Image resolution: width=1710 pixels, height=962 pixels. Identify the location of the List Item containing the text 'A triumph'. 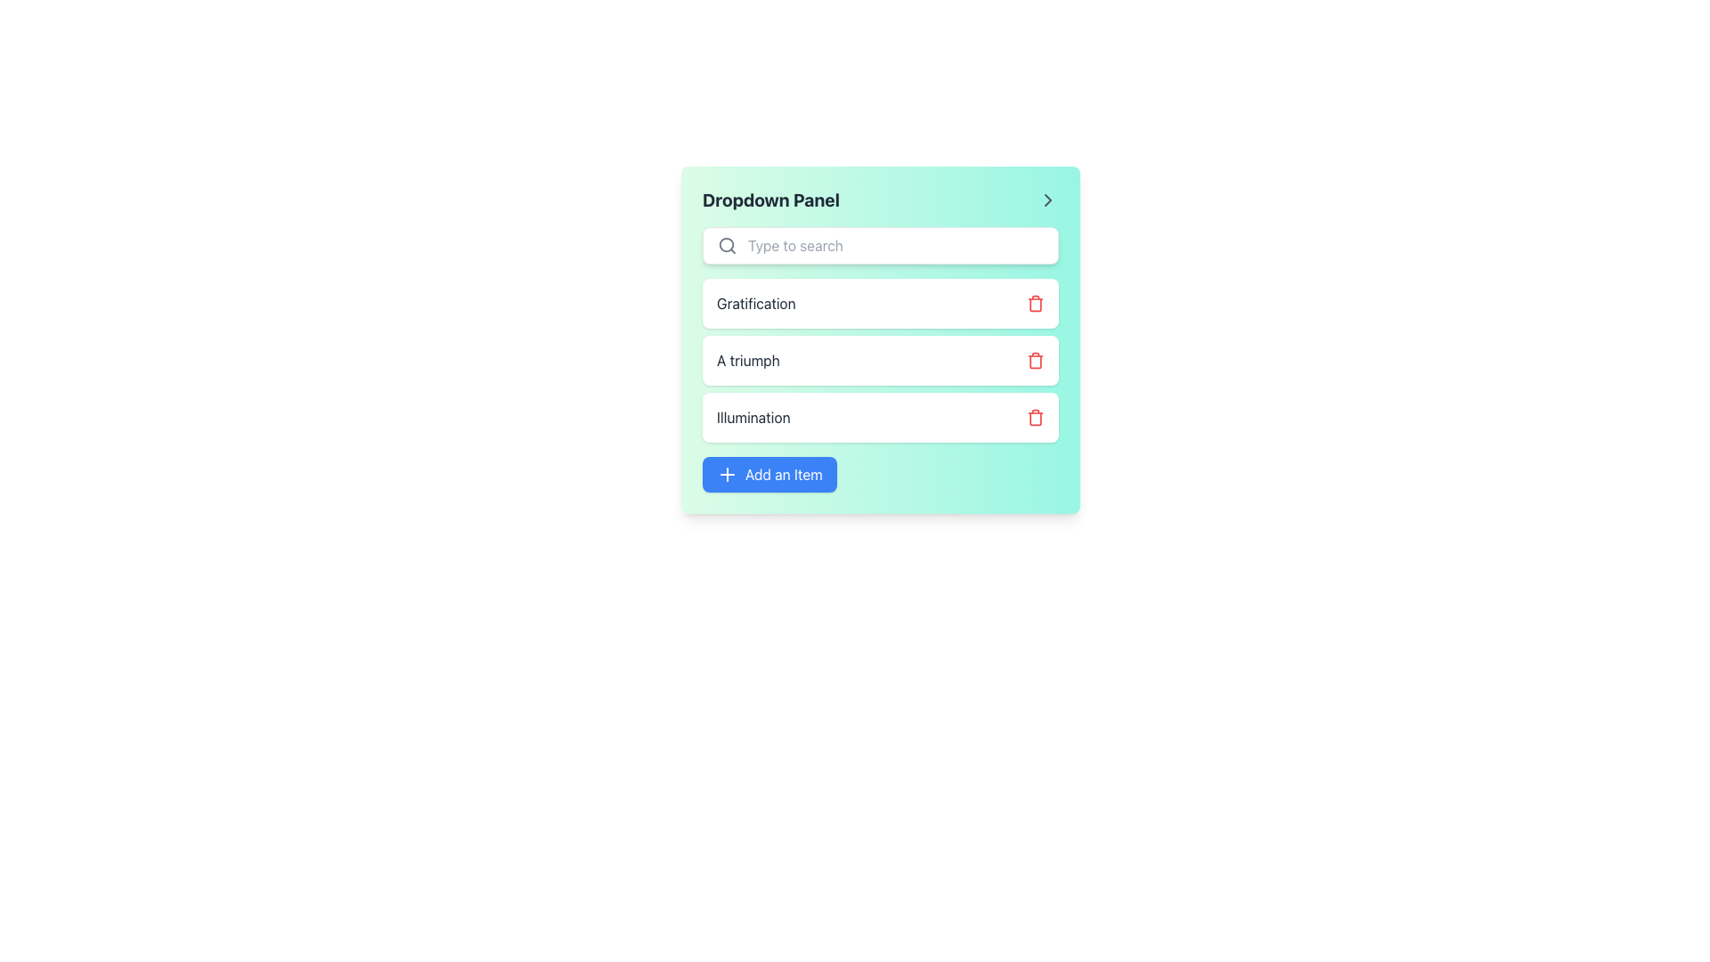
(880, 339).